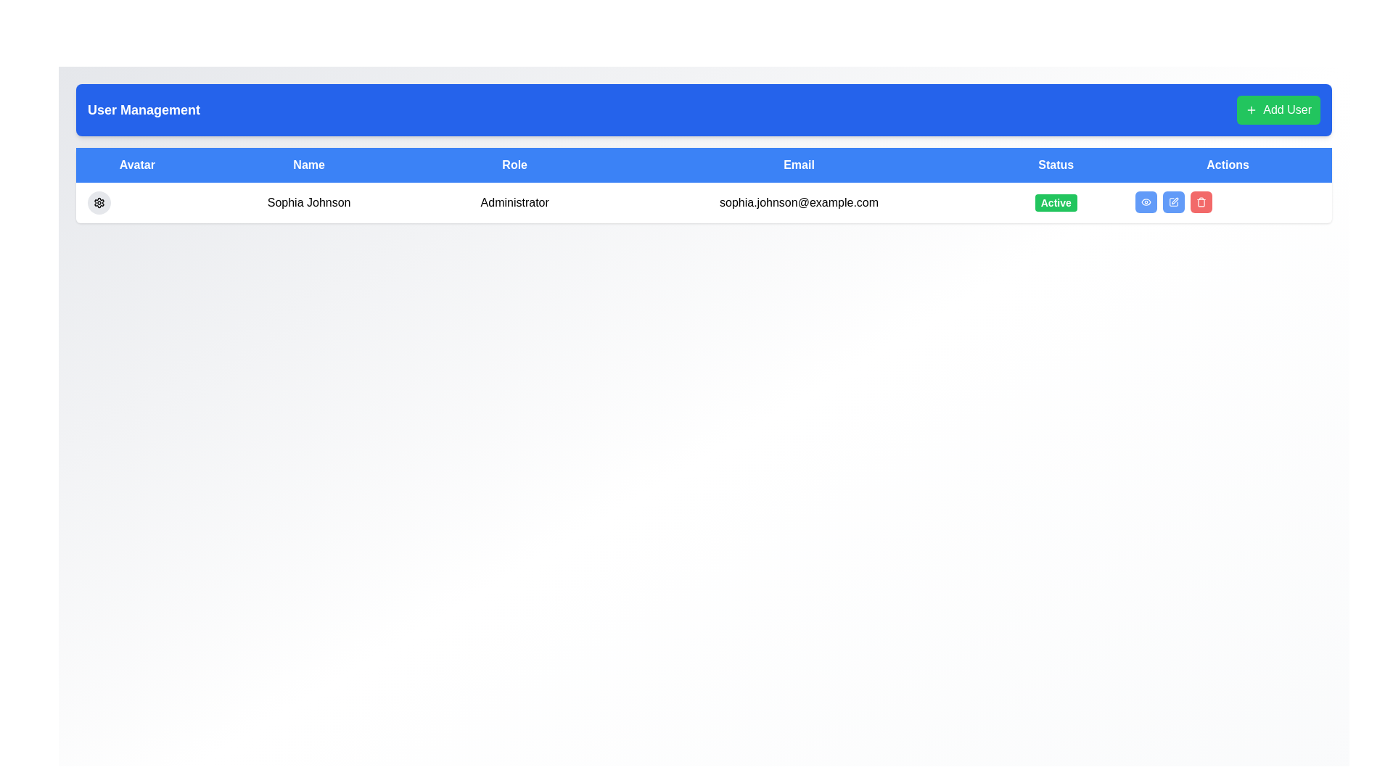 The image size is (1393, 783). I want to click on the 'Role' text label in the table header, which is the third column located between 'Name' and 'Email', so click(514, 164).